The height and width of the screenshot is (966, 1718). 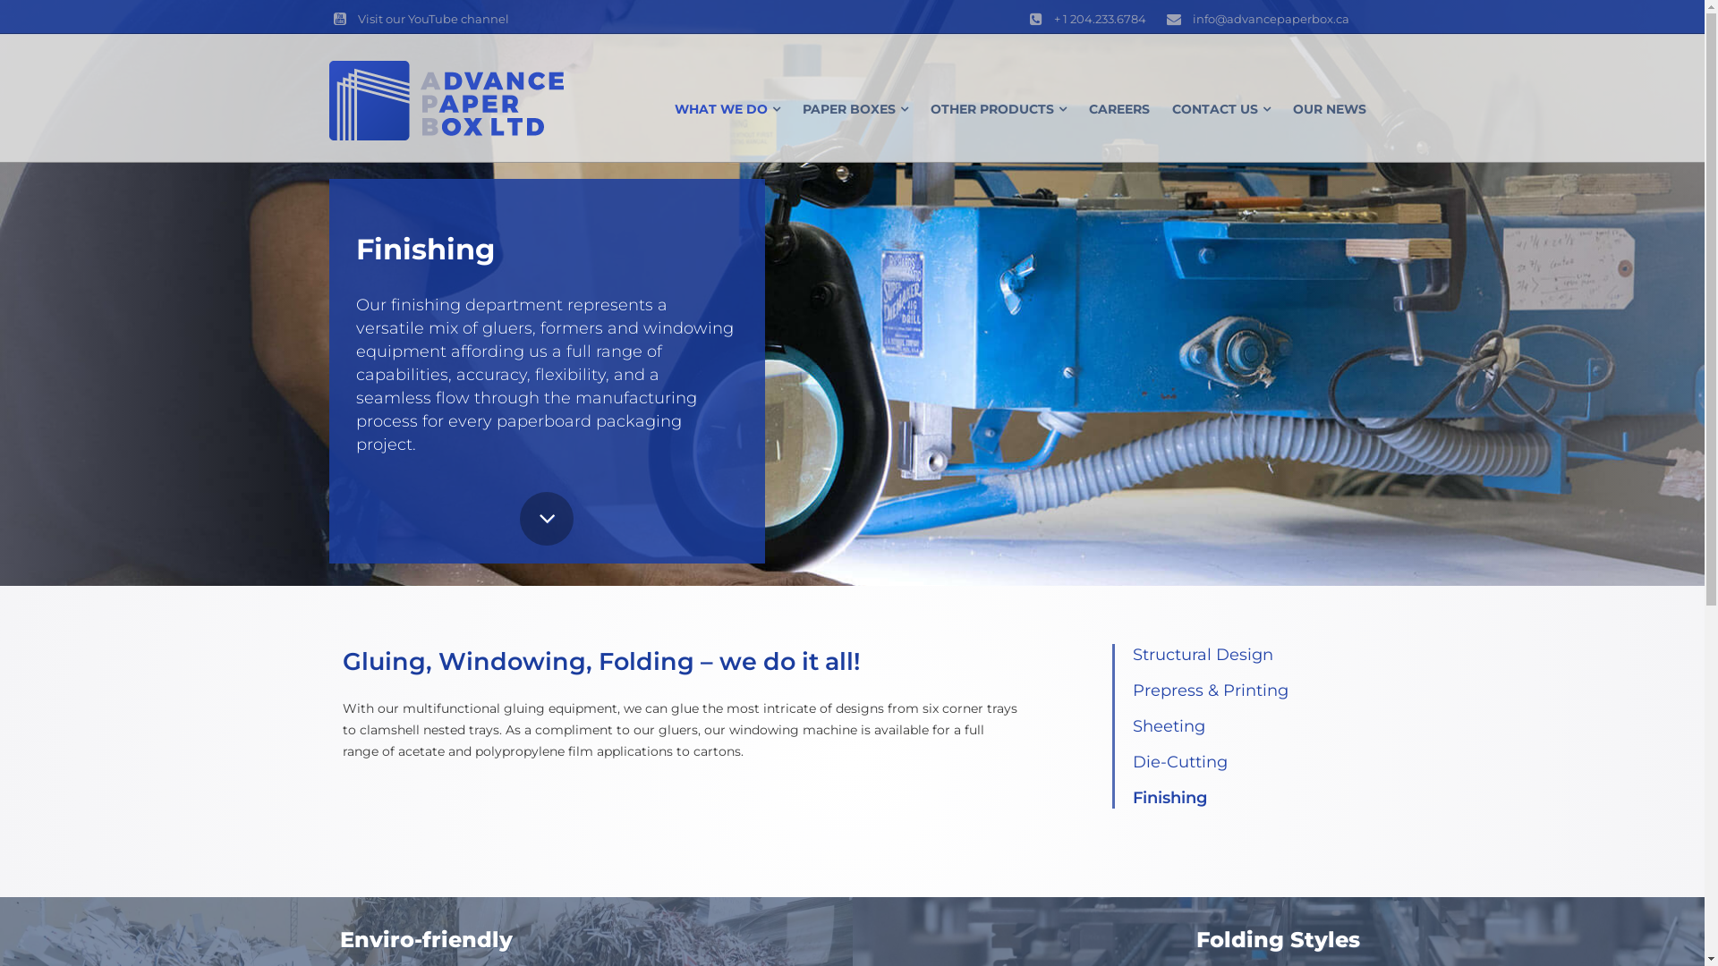 What do you see at coordinates (1169, 726) in the screenshot?
I see `'Sheeting'` at bounding box center [1169, 726].